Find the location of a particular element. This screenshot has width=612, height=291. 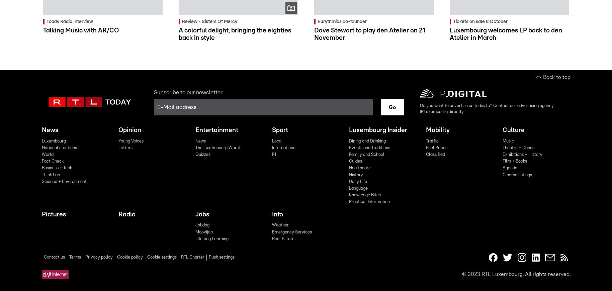

'Do you want to advertise on today.lu? Contact our advertising agency IPLuxembourg directly' is located at coordinates (486, 108).